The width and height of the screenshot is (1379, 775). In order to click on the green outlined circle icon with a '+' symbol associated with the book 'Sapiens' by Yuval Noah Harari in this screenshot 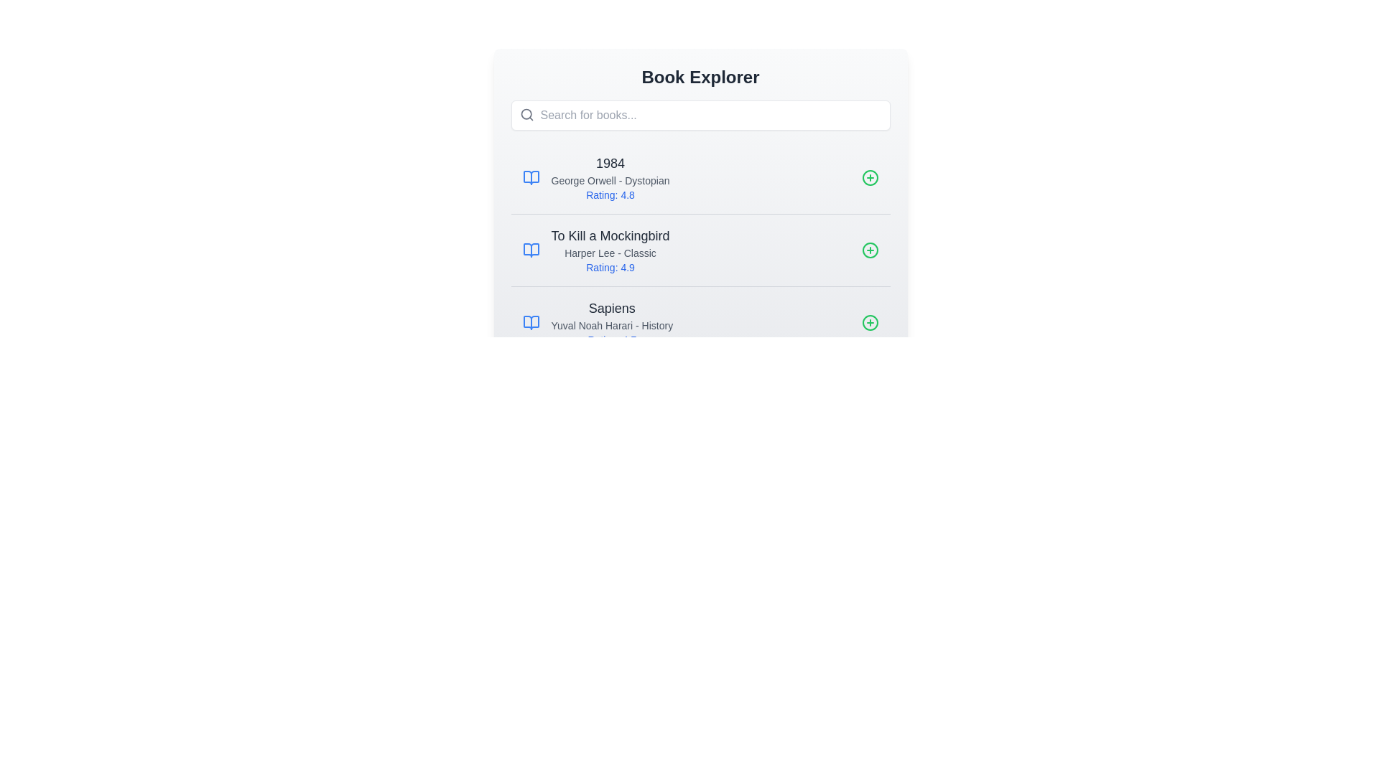, I will do `click(869, 323)`.